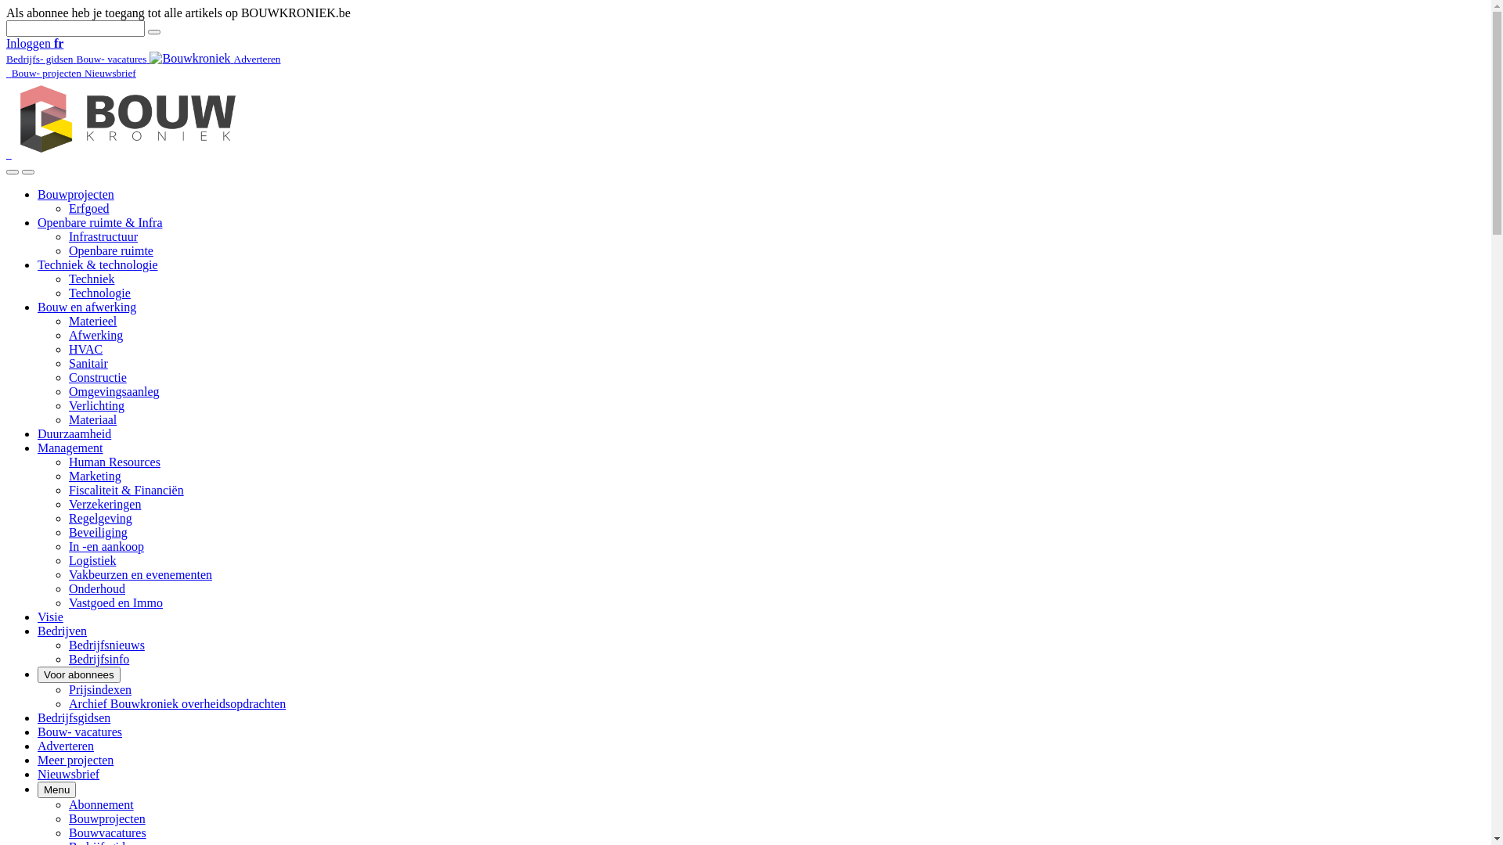 This screenshot has height=845, width=1503. Describe the element at coordinates (112, 57) in the screenshot. I see `'Bouw- vacatures'` at that location.